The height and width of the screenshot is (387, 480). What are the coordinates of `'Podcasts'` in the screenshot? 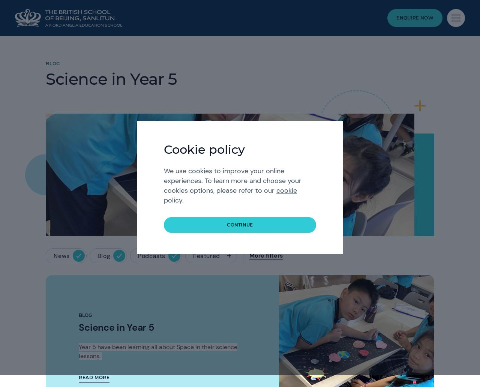 It's located at (151, 255).